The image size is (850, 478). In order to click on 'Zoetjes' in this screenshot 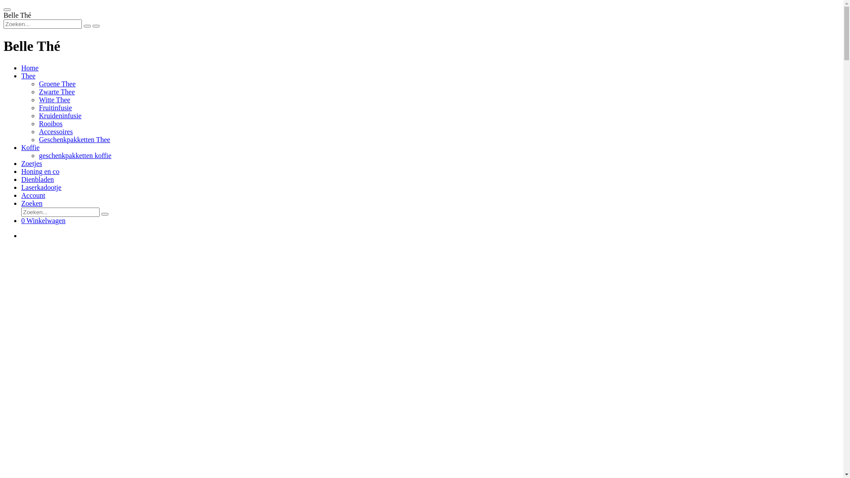, I will do `click(21, 163)`.